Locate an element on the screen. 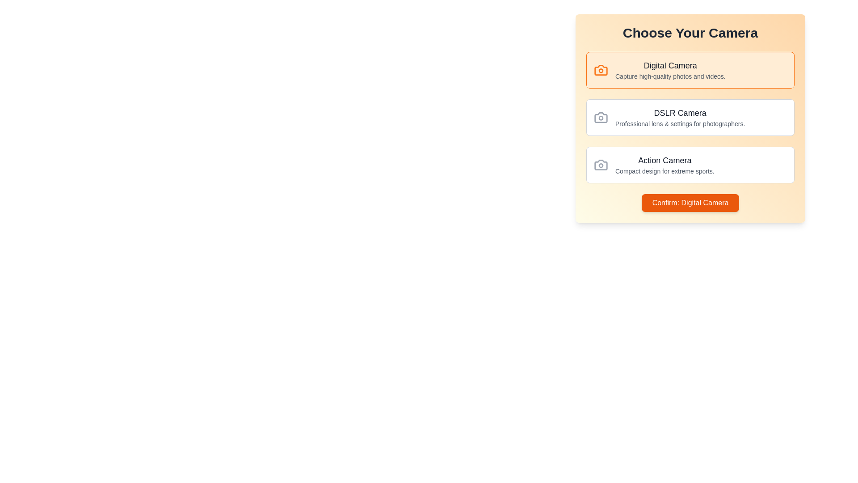 The image size is (858, 483). the camera icon, which is styled in gray and located to the left of the 'Action Camera' text in the third selection of camera types is located at coordinates (601, 165).